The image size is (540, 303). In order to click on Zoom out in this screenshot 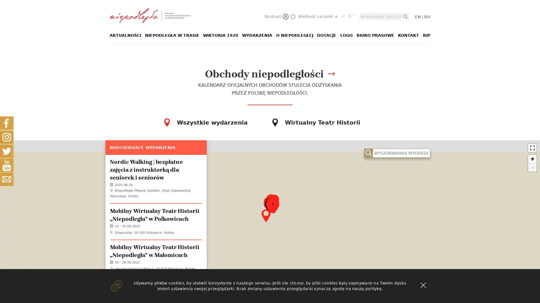, I will do `click(532, 167)`.